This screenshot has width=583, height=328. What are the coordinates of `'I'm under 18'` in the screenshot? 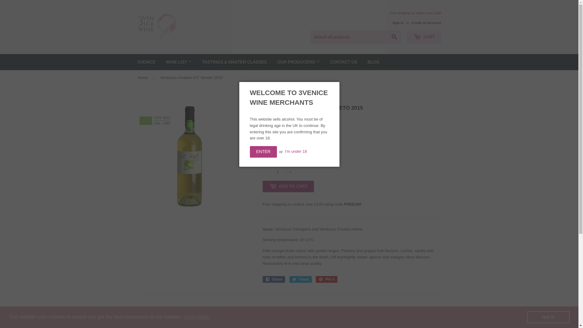 It's located at (296, 151).